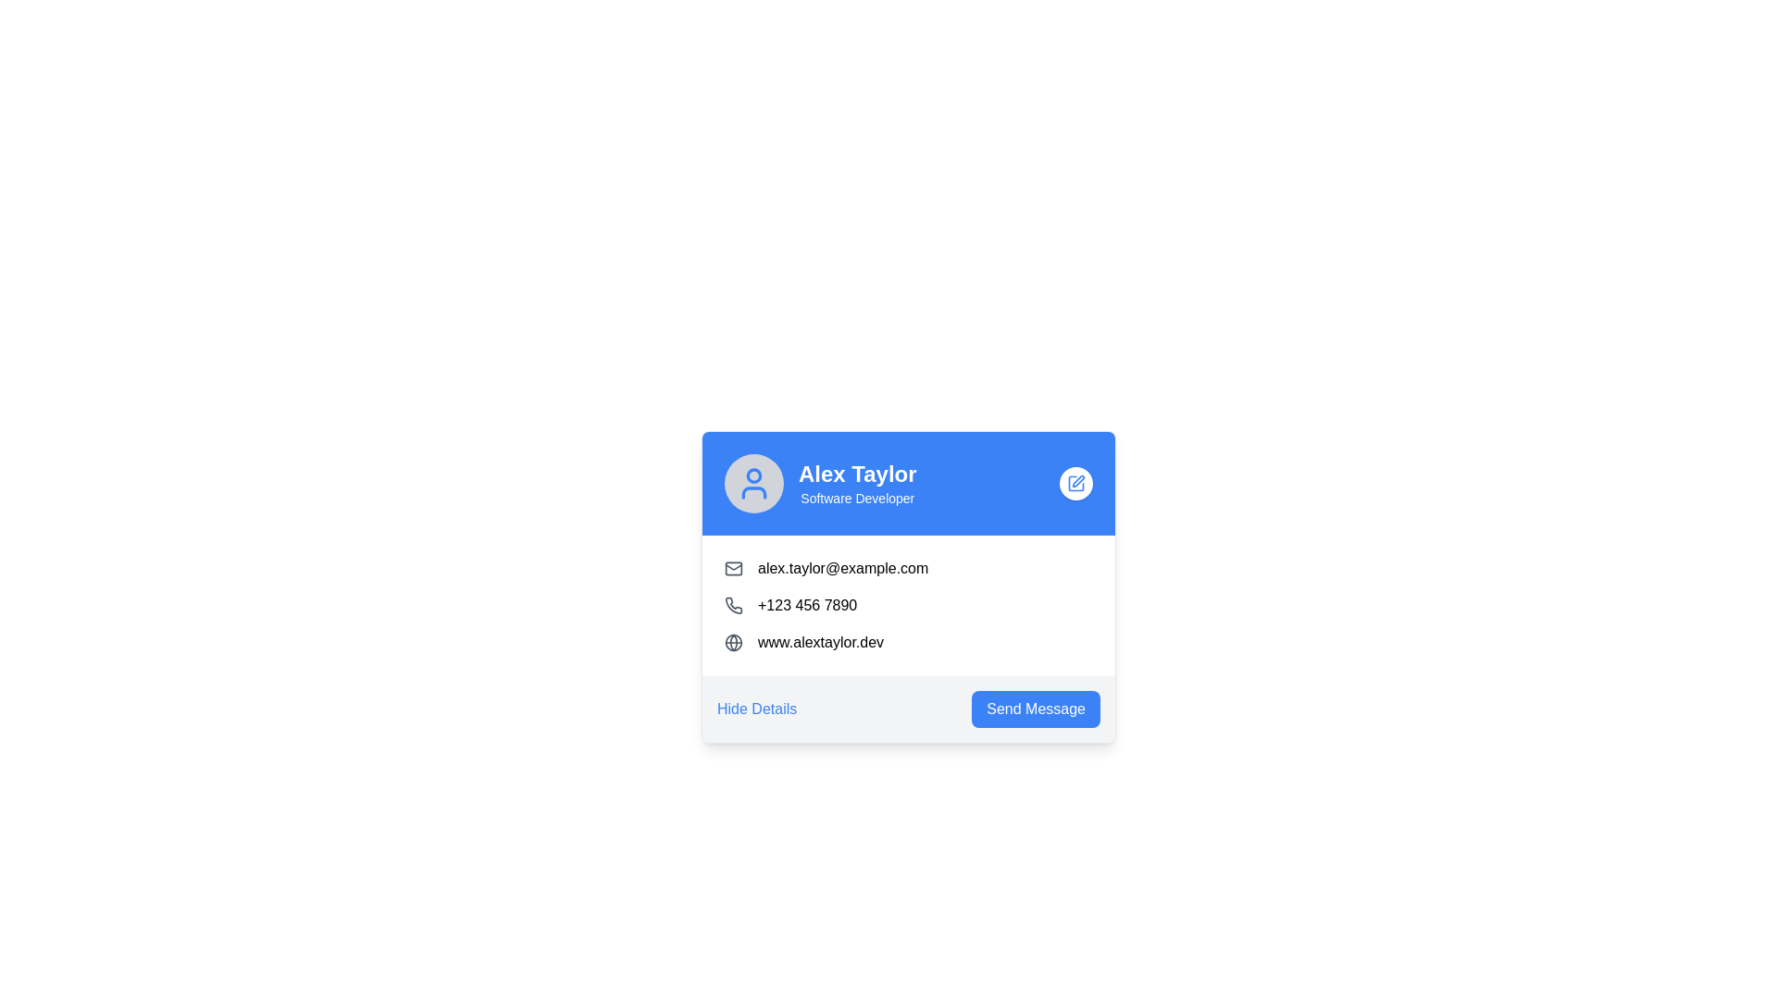 The width and height of the screenshot is (1777, 999). Describe the element at coordinates (754, 474) in the screenshot. I see `the user profile icon, which is part of the graphical component representing the user in the interface, located at the top-left section of the card` at that location.